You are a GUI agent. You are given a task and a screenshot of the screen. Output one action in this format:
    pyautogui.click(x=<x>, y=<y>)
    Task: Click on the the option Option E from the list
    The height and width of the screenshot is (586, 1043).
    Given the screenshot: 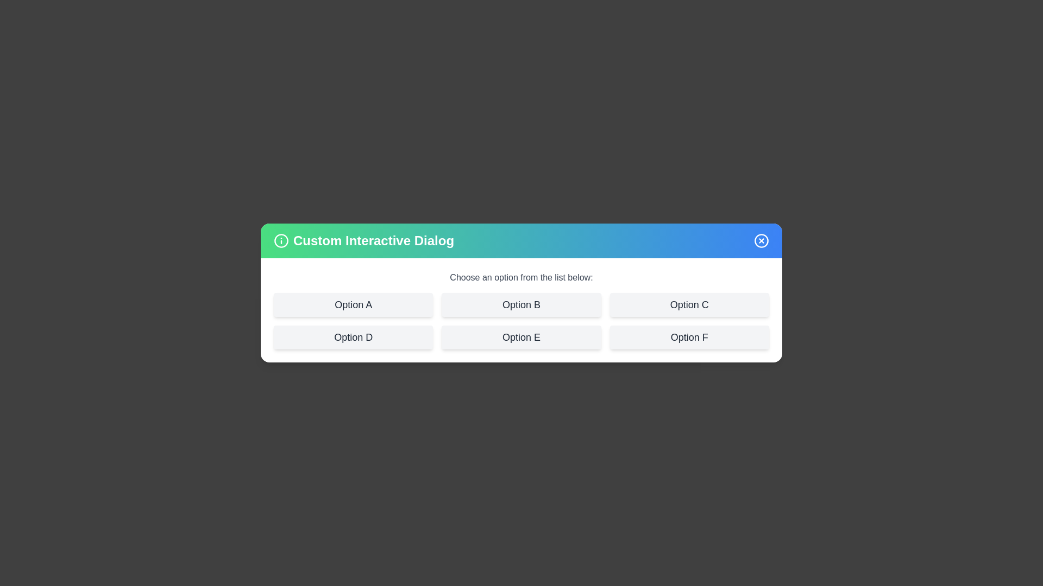 What is the action you would take?
    pyautogui.click(x=521, y=336)
    